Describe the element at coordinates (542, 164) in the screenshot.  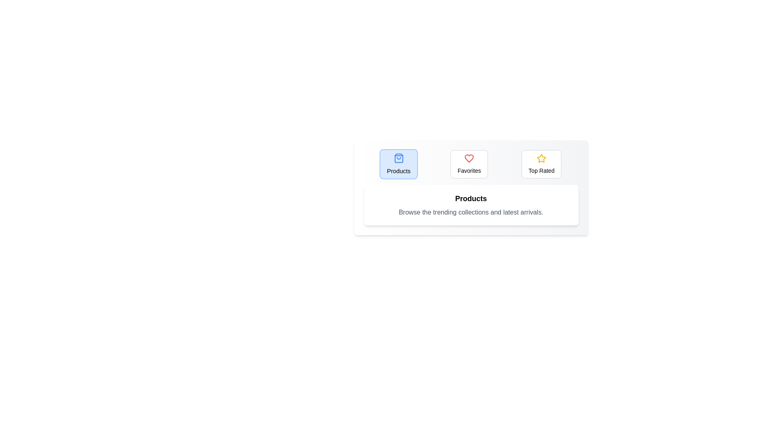
I see `the Top Rated tab` at that location.